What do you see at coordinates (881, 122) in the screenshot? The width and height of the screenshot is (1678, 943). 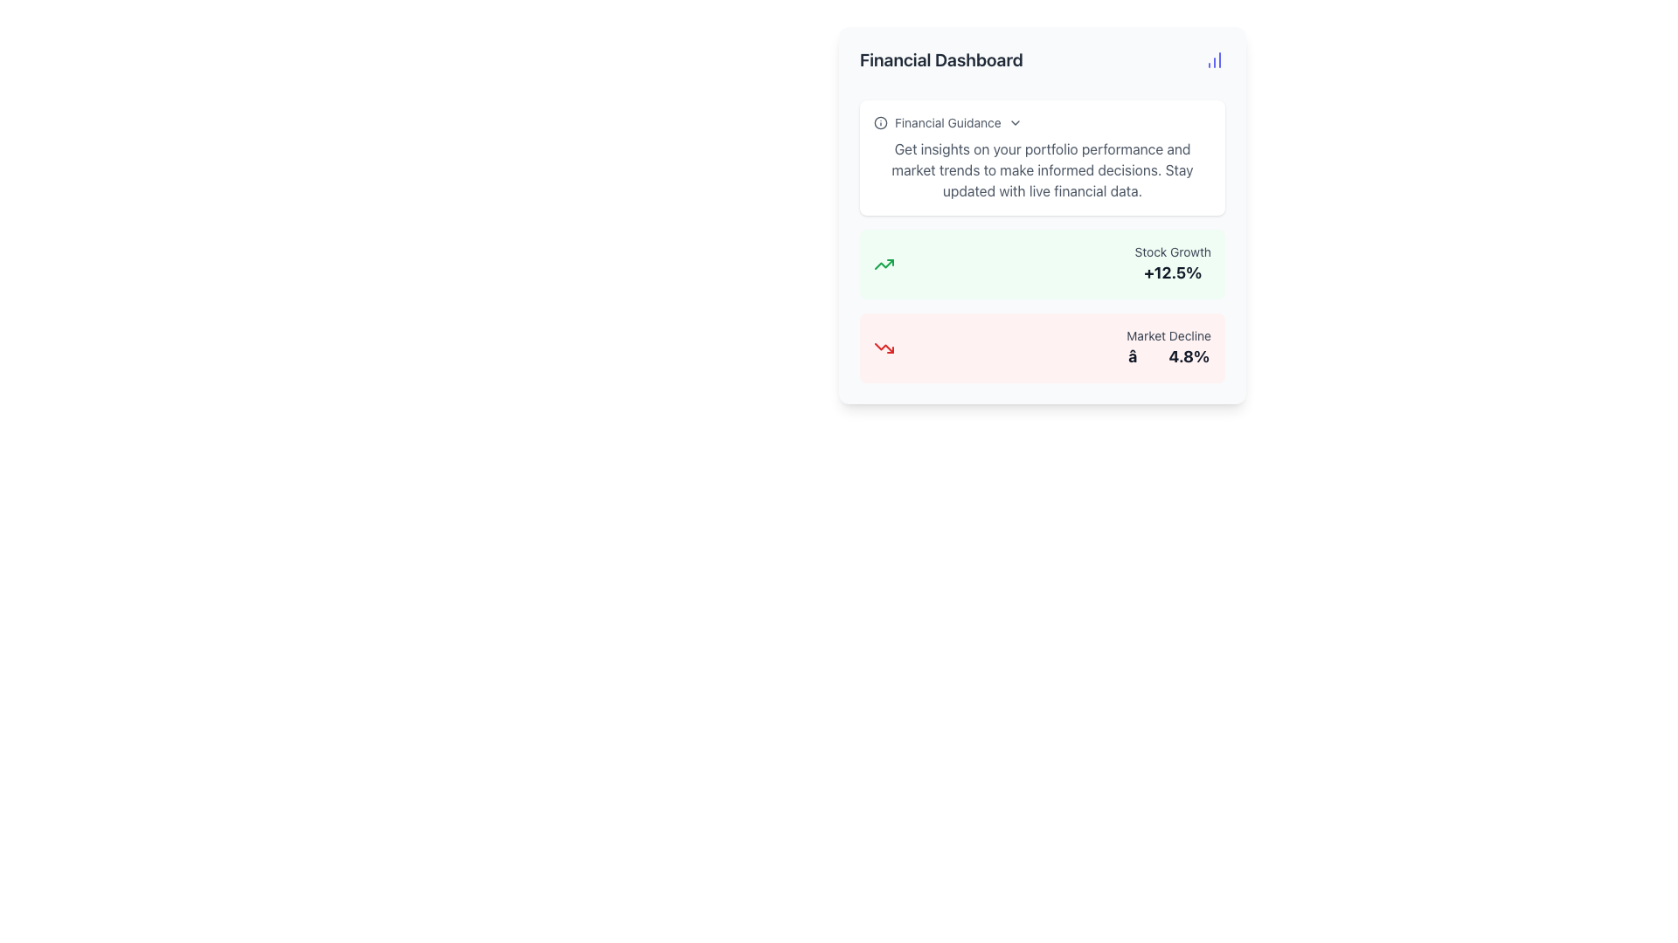 I see `the informational icon located to the left of the 'Financial Guidance' text, indicating its purpose as an informational indicator` at bounding box center [881, 122].